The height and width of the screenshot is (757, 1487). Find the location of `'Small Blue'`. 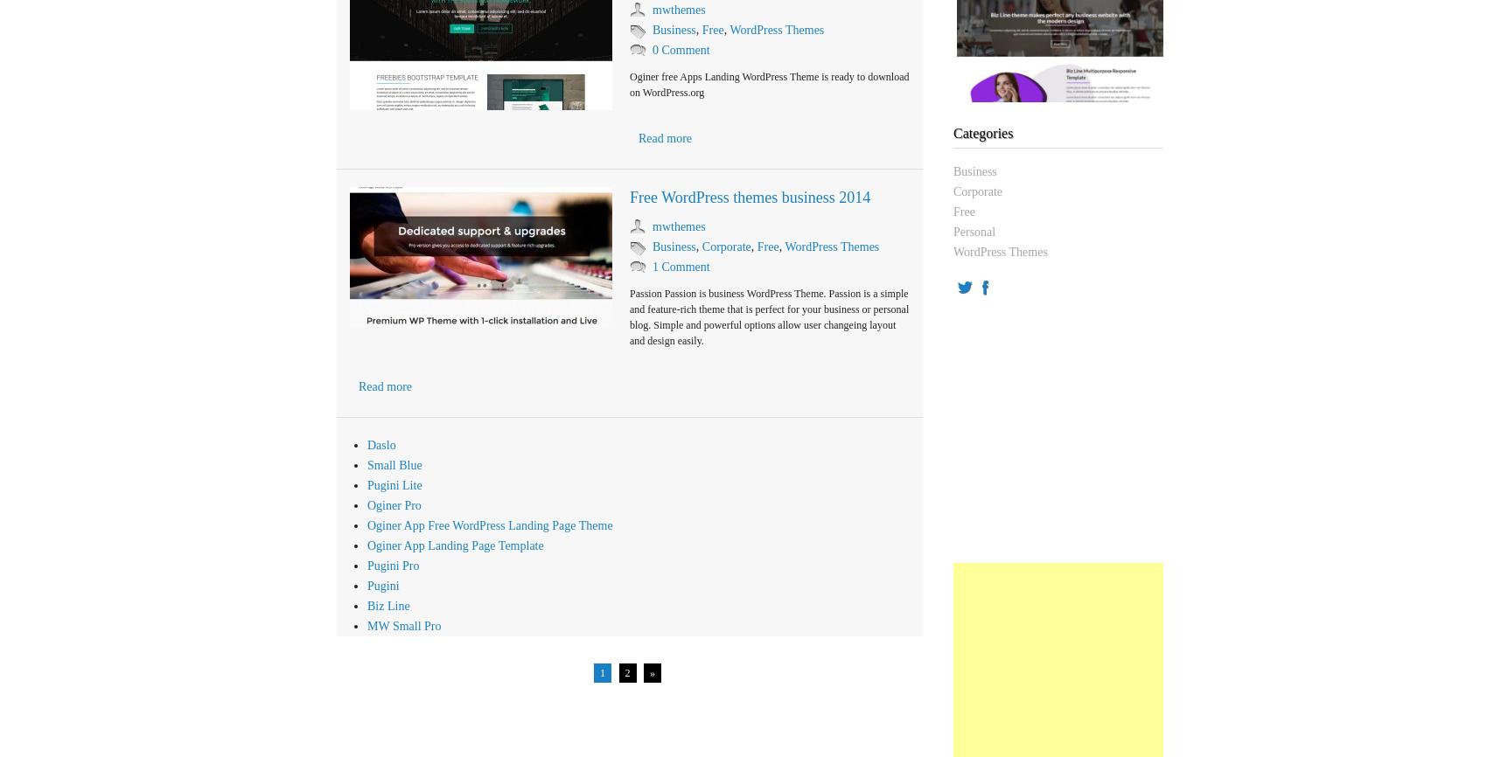

'Small Blue' is located at coordinates (394, 465).